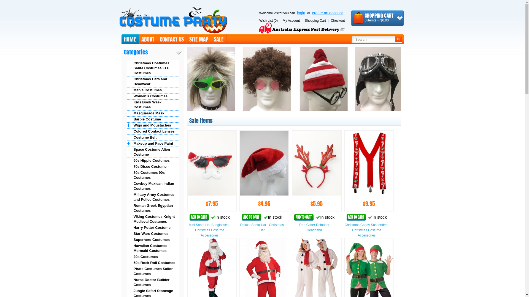 Image resolution: width=529 pixels, height=297 pixels. What do you see at coordinates (153, 166) in the screenshot?
I see `'70s Disco Costume'` at bounding box center [153, 166].